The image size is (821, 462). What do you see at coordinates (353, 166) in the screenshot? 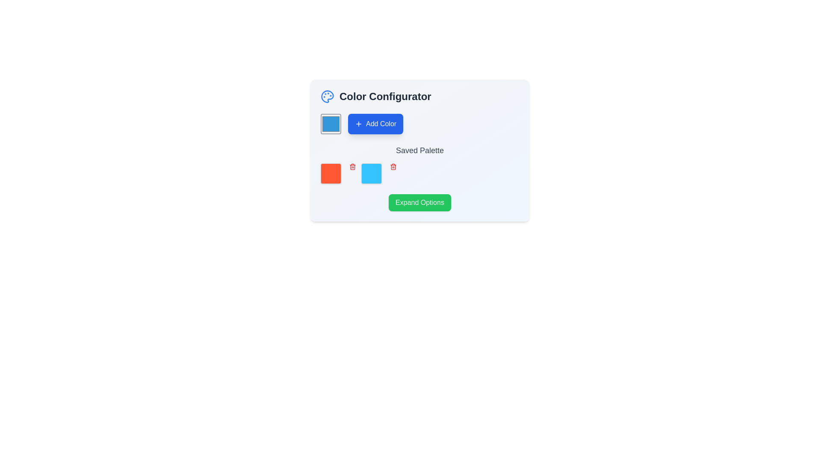
I see `the small red trash can icon button located in the 'Saved Palette' section` at bounding box center [353, 166].